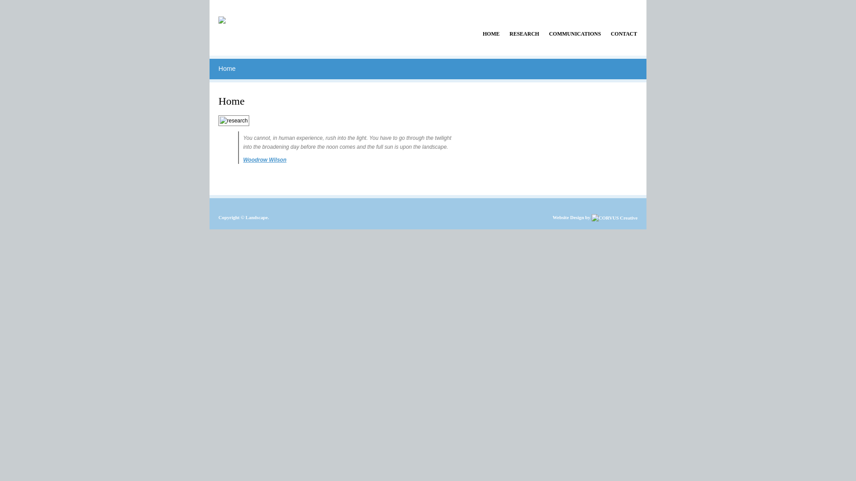  I want to click on 'Home', so click(222, 16).